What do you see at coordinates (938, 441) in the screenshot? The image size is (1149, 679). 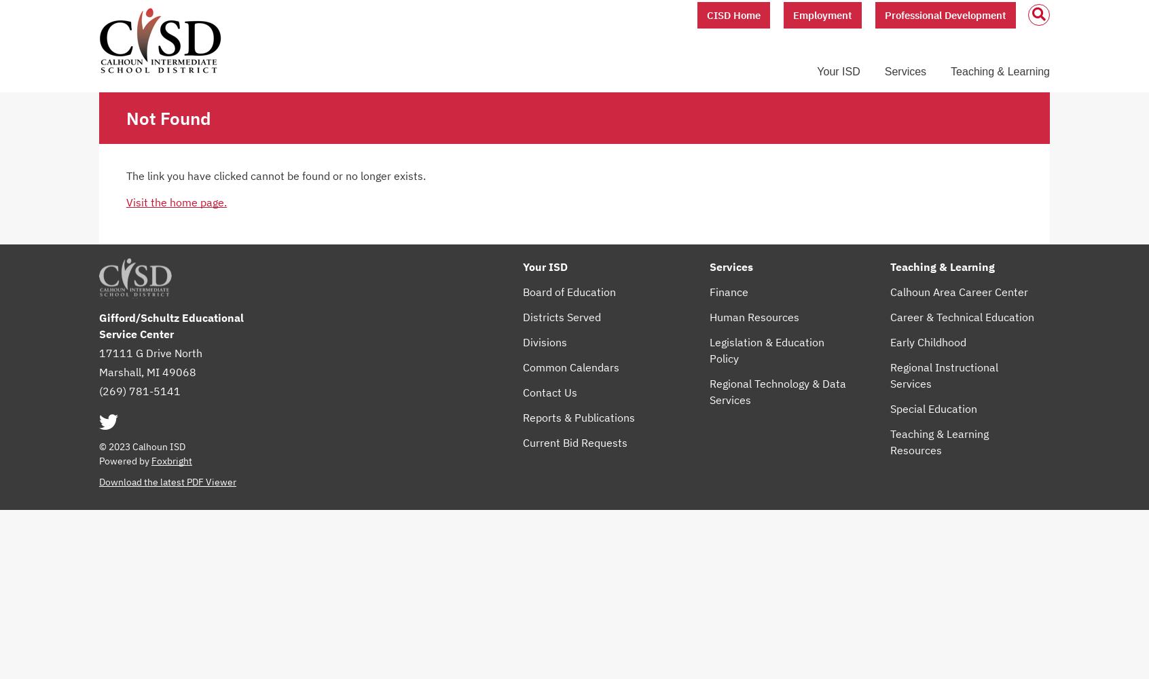 I see `'Teaching & Learning Resources'` at bounding box center [938, 441].